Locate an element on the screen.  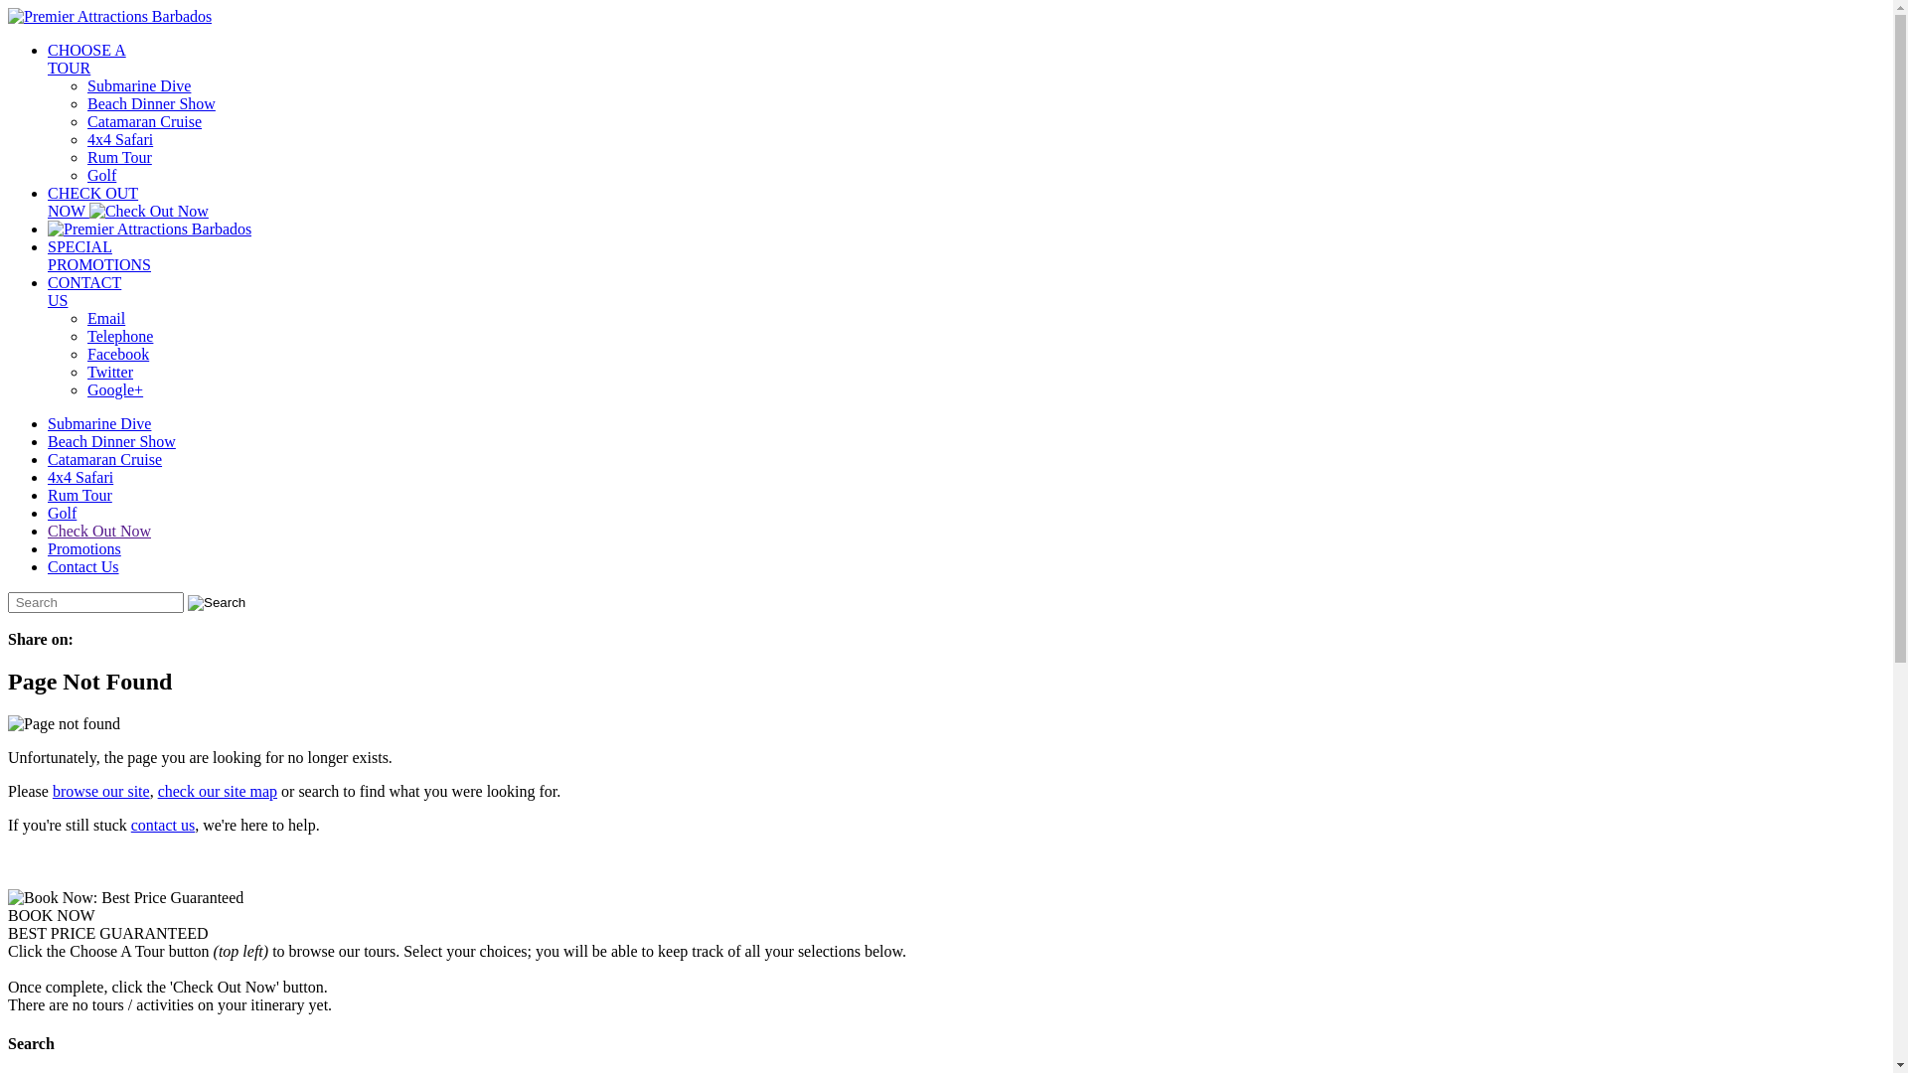
'Submarine Dive' is located at coordinates (137, 84).